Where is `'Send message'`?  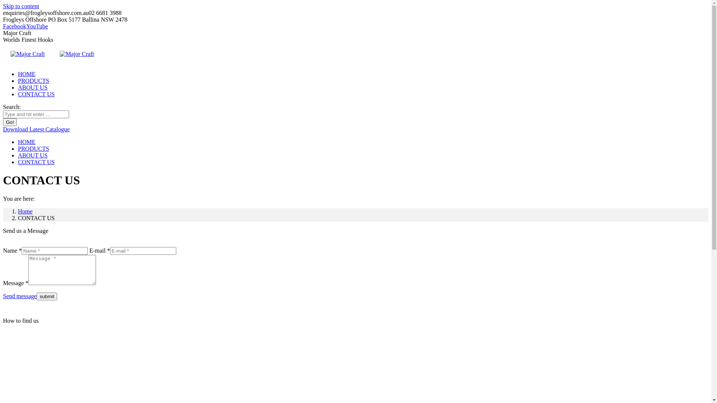 'Send message' is located at coordinates (19, 296).